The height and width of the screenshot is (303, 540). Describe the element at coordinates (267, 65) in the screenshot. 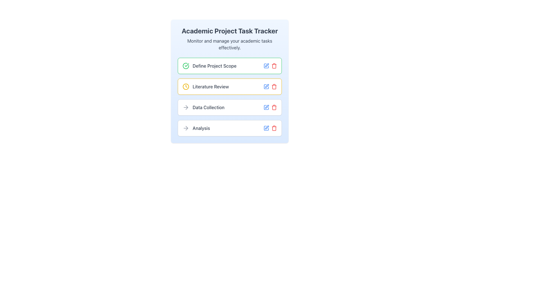

I see `the editing icon for the 'Define Project Scope' entry` at that location.